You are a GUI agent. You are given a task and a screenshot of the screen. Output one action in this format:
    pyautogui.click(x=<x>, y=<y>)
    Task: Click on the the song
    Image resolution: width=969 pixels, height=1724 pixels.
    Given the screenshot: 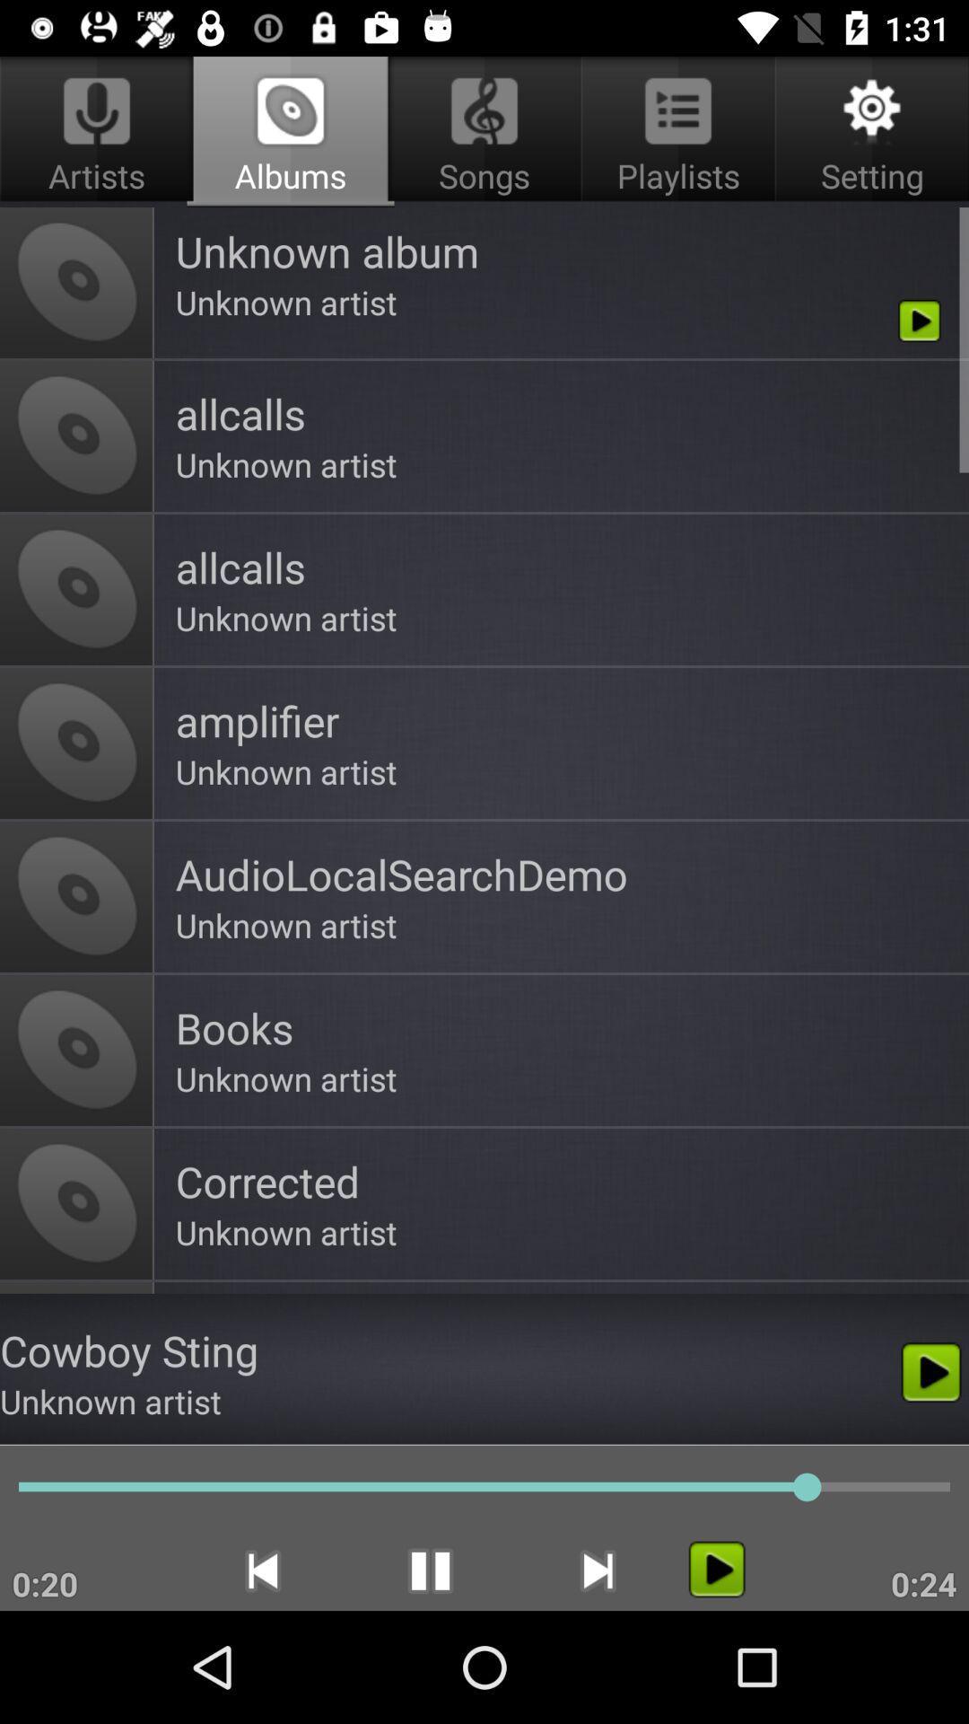 What is the action you would take?
    pyautogui.click(x=716, y=1568)
    